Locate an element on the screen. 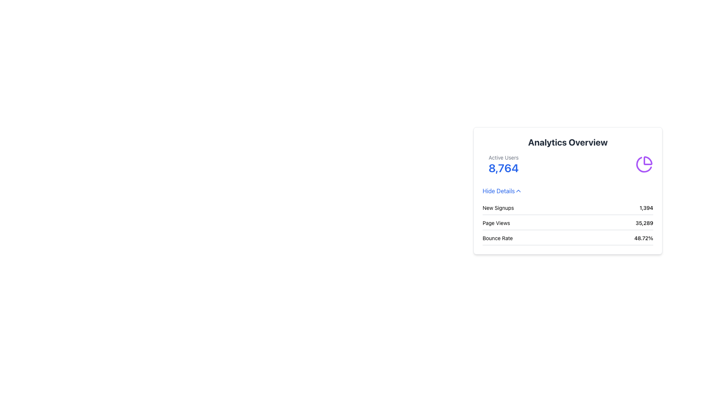  the collapsible button located beneath the 'Active Users' data in the 'Analytics Overview' card to hide the details section is located at coordinates (502, 190).